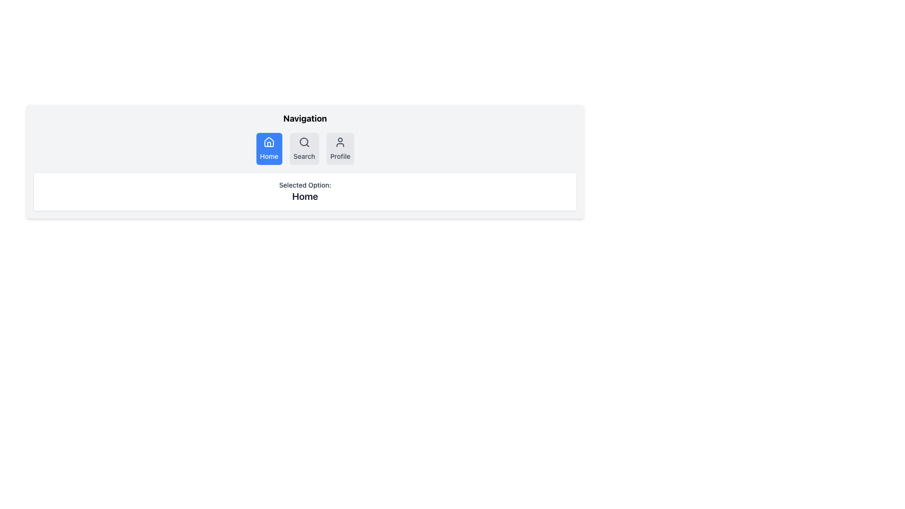  I want to click on the search icon located at the top center of the interface, which is part of the 'Search' button, to initiate a search action, so click(304, 142).